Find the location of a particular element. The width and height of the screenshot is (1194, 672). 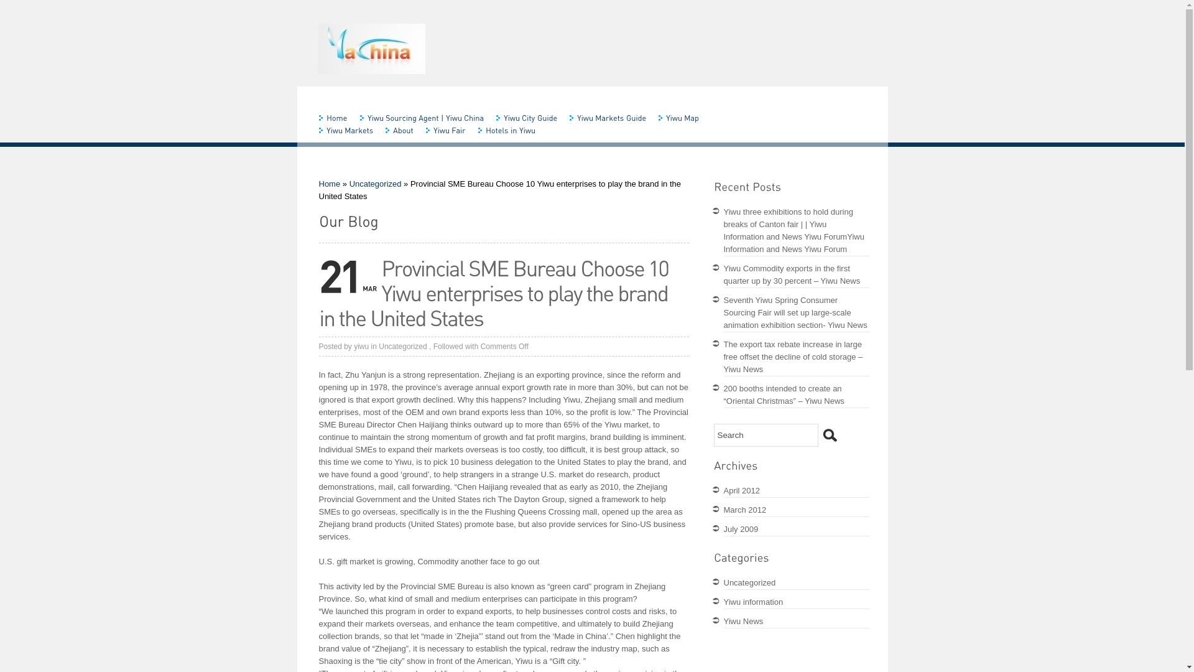

'March 2012' is located at coordinates (745, 510).